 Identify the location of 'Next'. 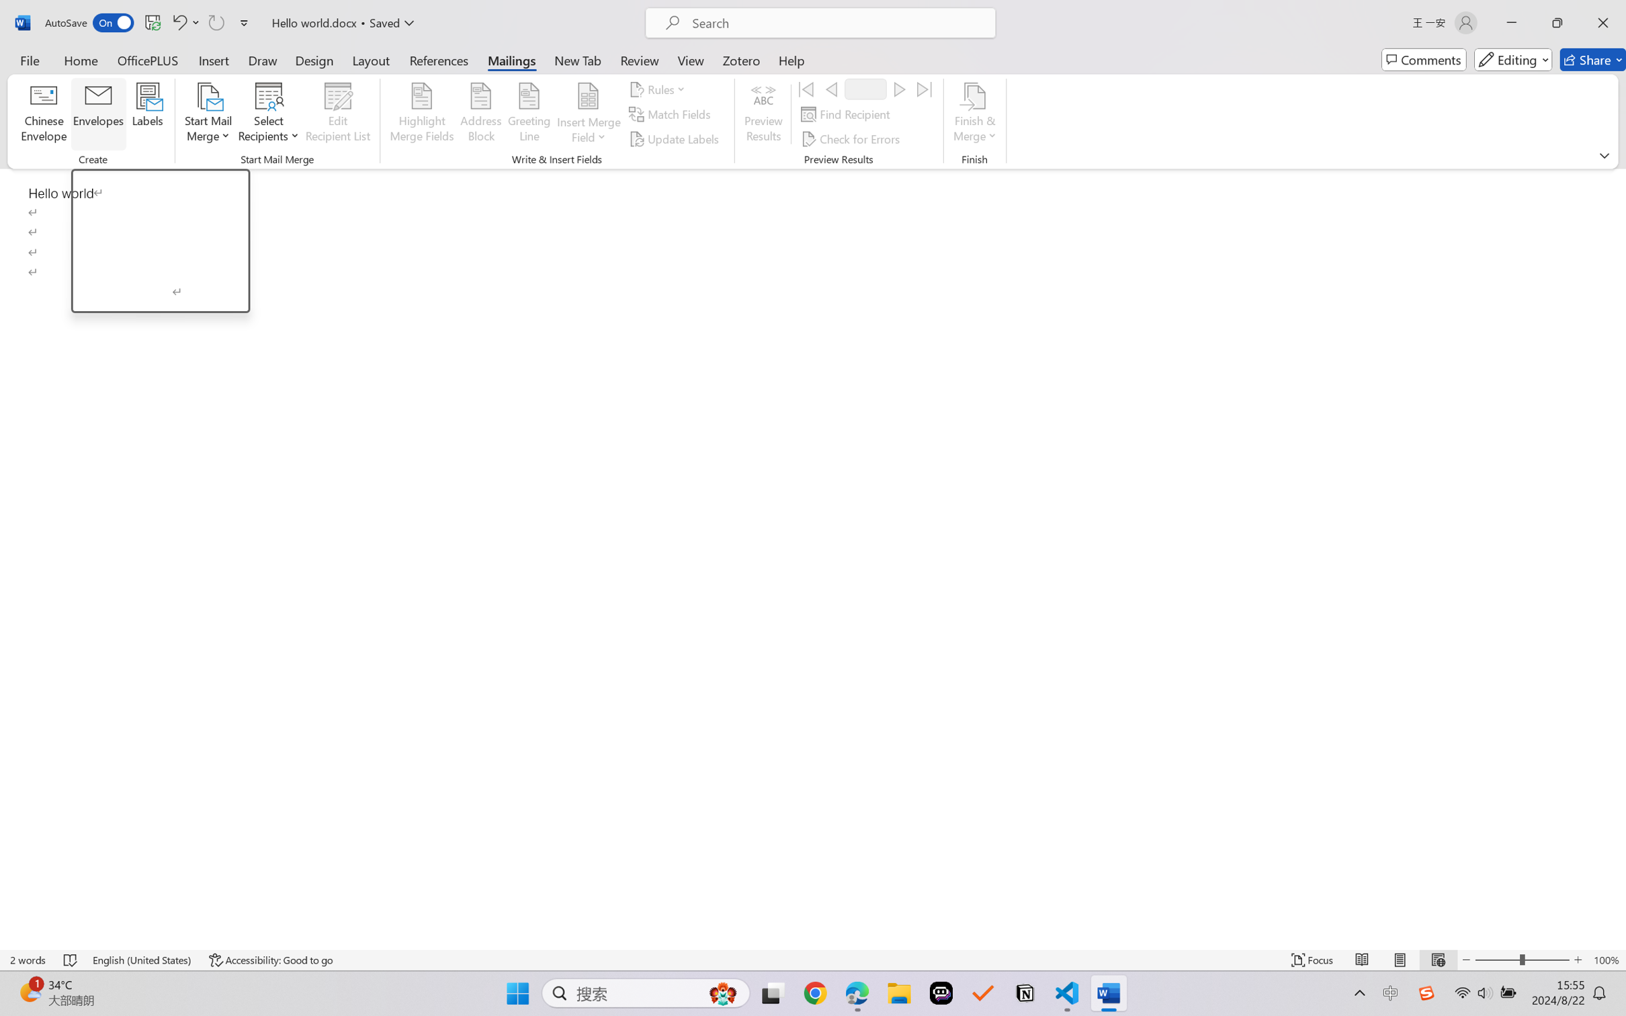
(899, 88).